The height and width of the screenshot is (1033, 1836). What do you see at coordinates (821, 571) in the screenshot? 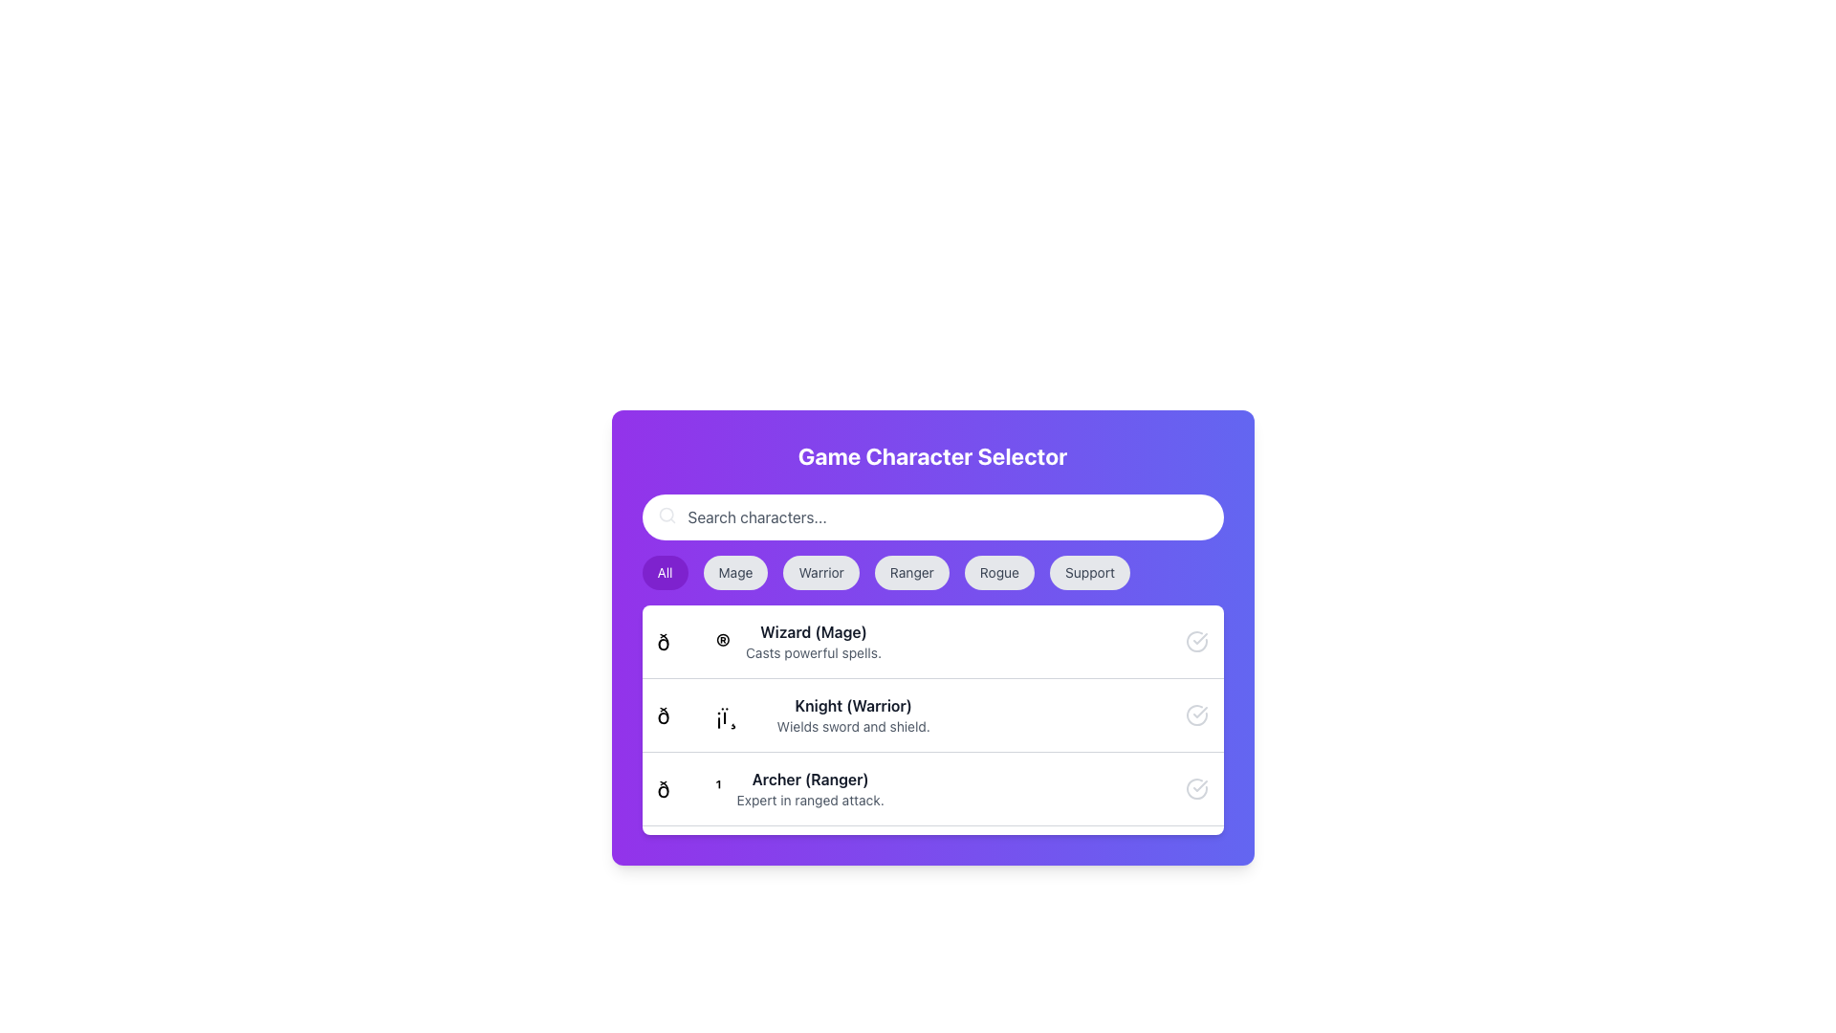
I see `the 'Warrior' button, which is the third button in a series of six character filter buttons, to filter the character list by the Warrior category` at bounding box center [821, 571].